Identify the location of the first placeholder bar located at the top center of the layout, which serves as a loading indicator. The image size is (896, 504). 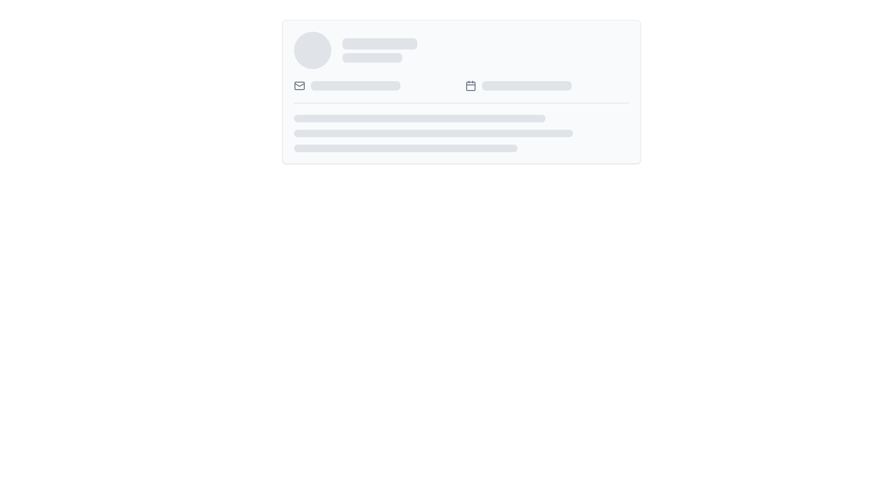
(380, 43).